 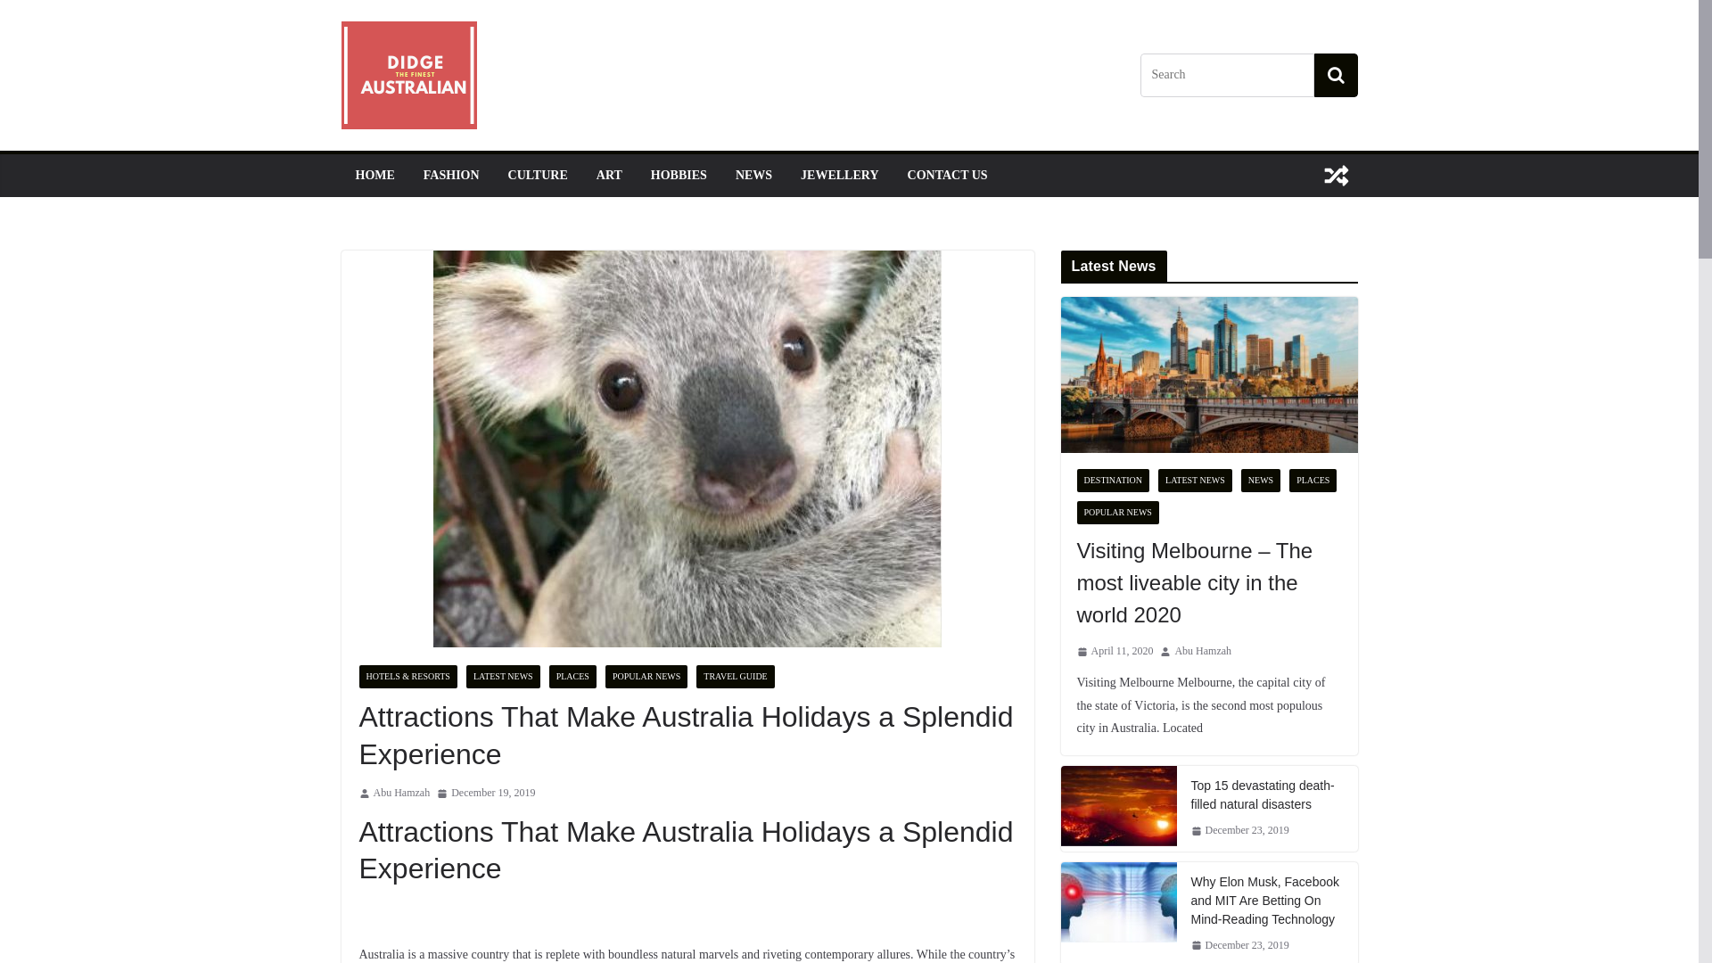 I want to click on 'December 19, 2019', so click(x=486, y=793).